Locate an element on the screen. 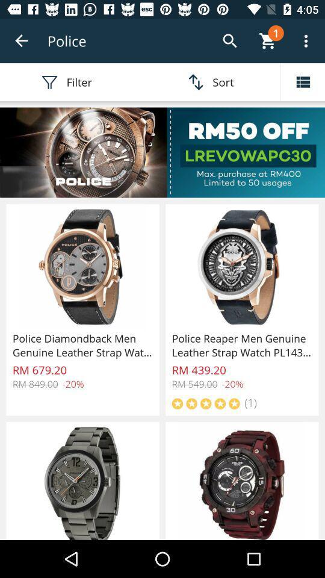 The width and height of the screenshot is (325, 578). the item above filter icon is located at coordinates (22, 41).